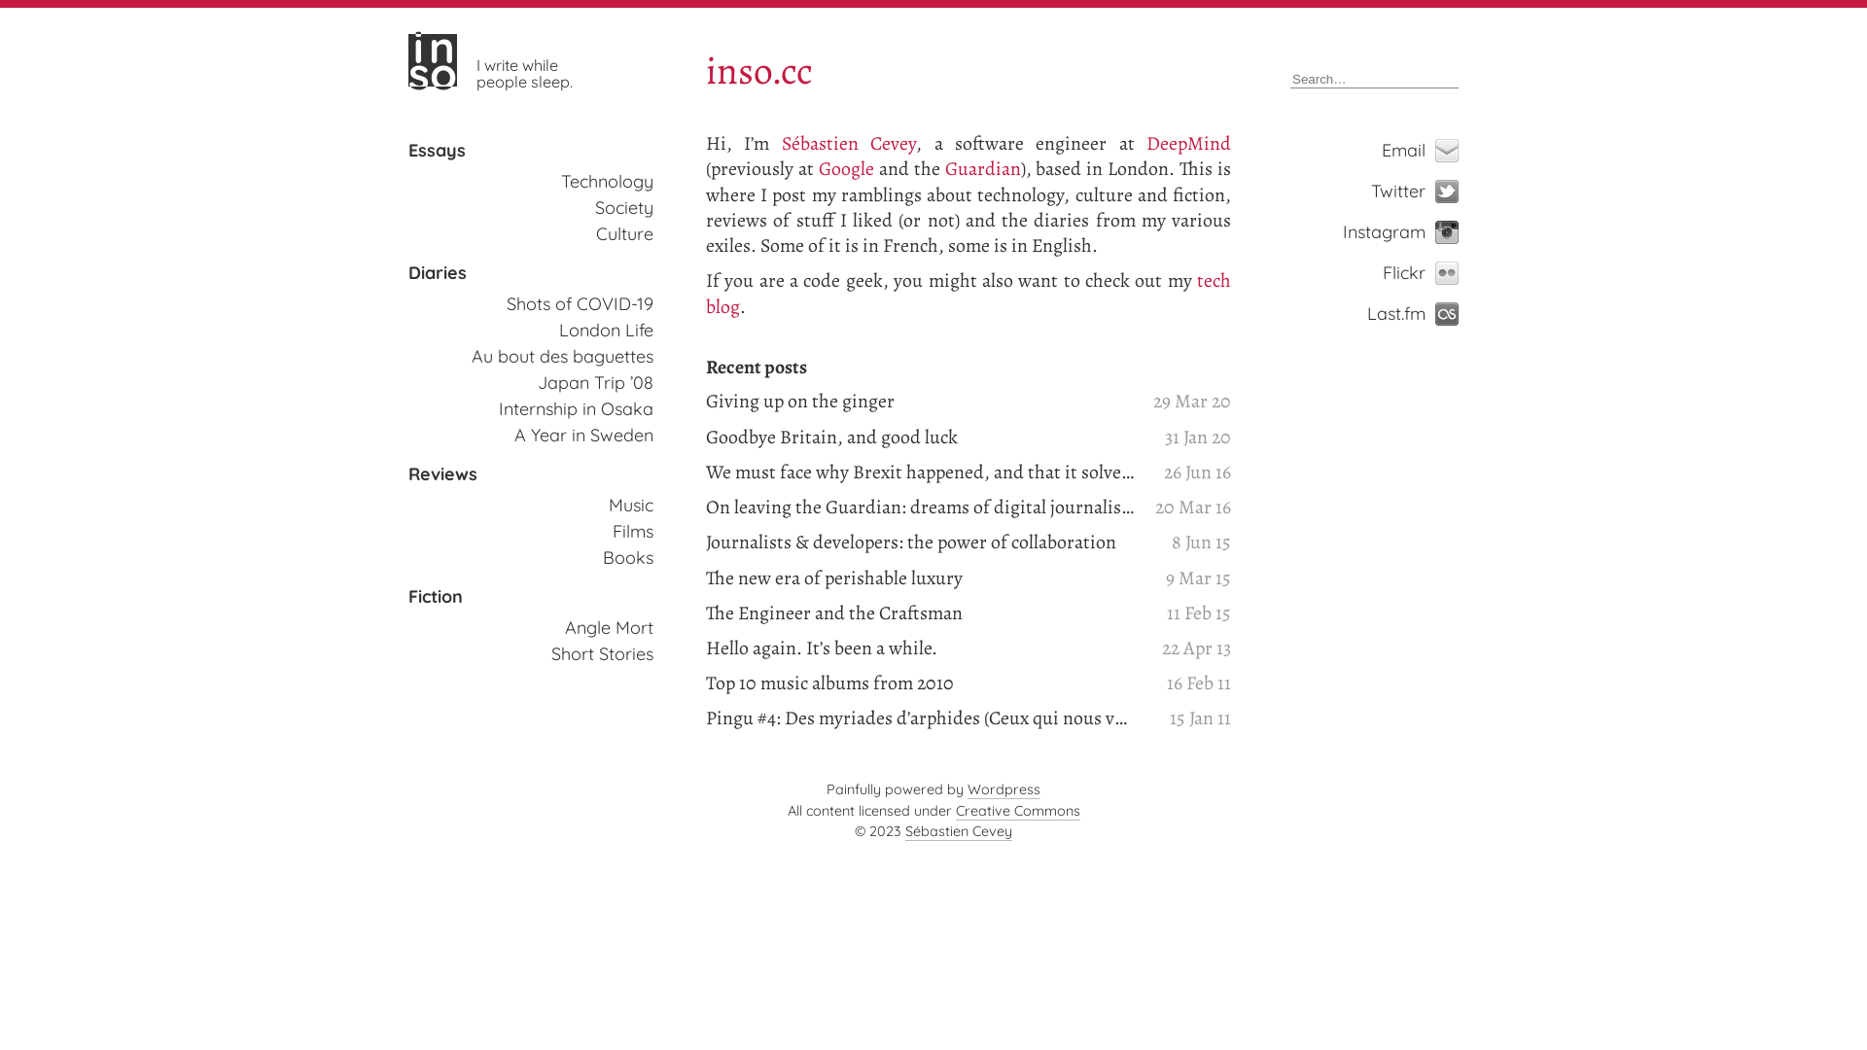 Image resolution: width=1867 pixels, height=1050 pixels. I want to click on 'Fiction', so click(407, 595).